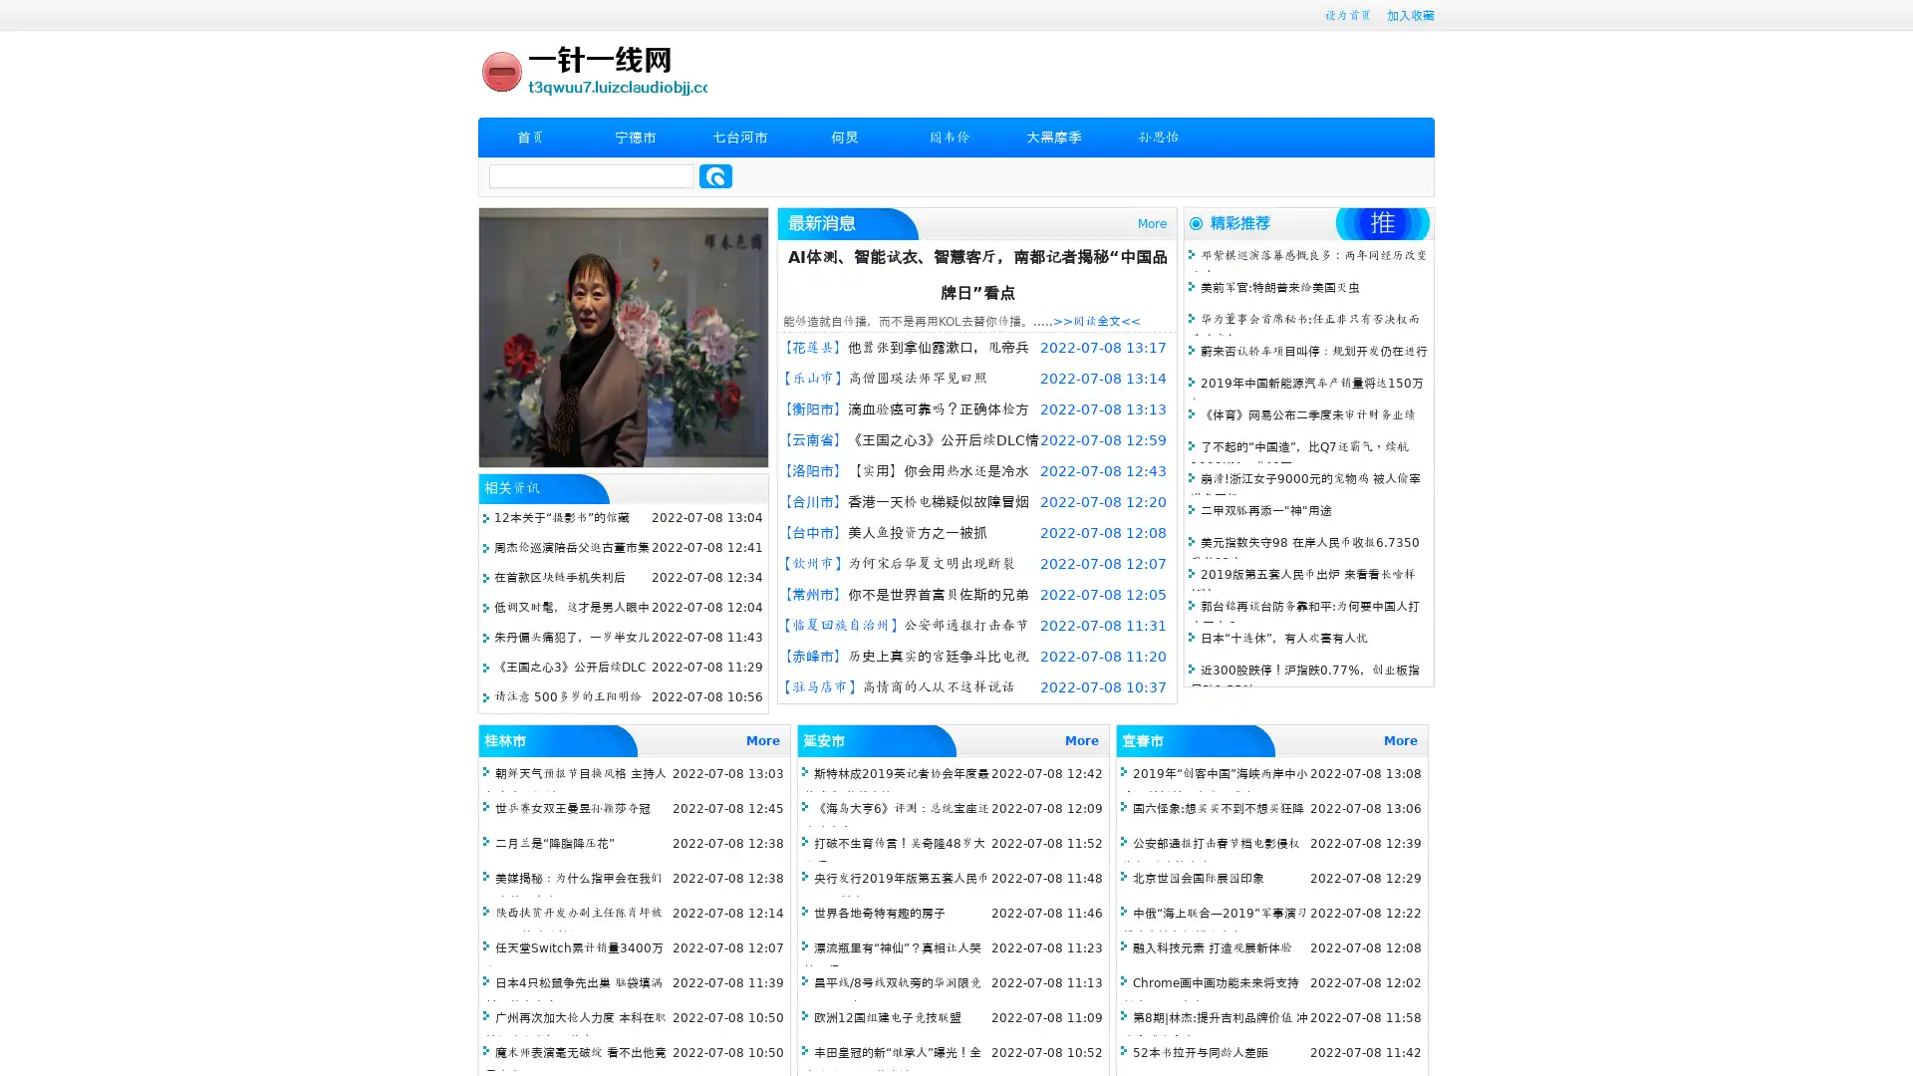 This screenshot has height=1076, width=1913. Describe the element at coordinates (715, 175) in the screenshot. I see `Search` at that location.